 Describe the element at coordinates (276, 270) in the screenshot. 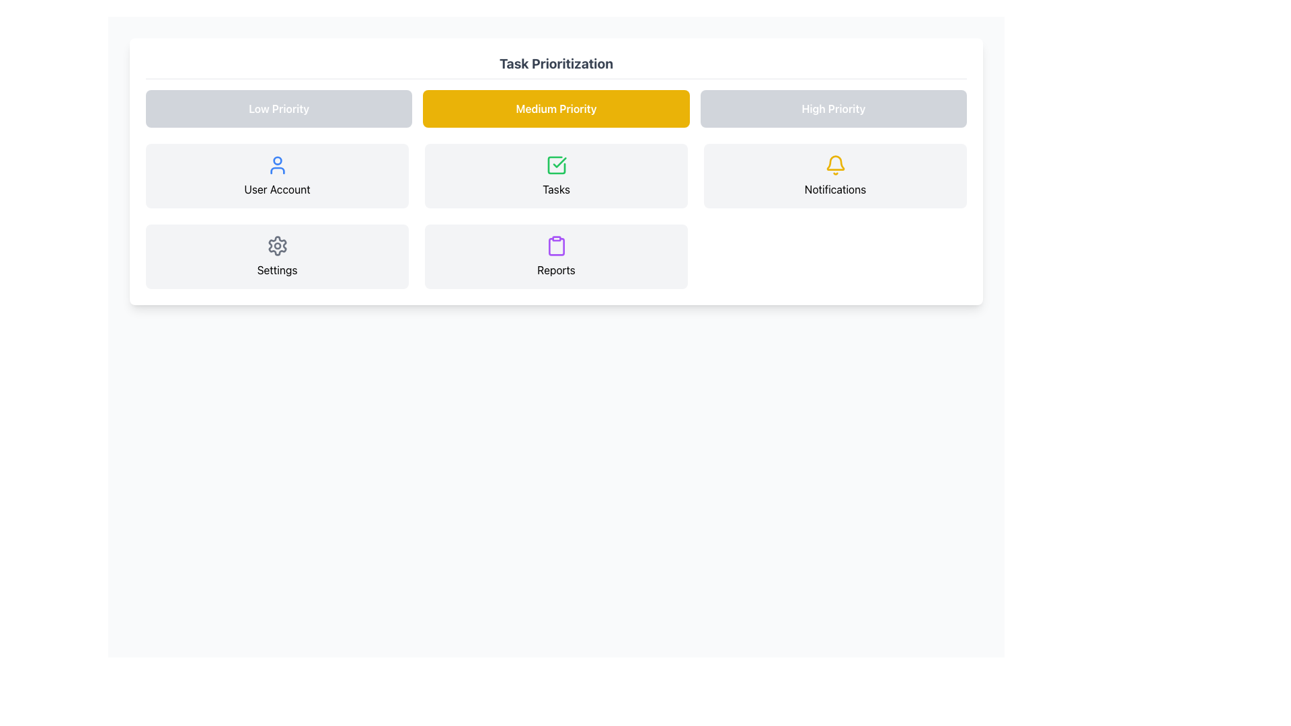

I see `the 'Settings' text label, which is styled in black and positioned below a gear icon in the configuration panel` at that location.